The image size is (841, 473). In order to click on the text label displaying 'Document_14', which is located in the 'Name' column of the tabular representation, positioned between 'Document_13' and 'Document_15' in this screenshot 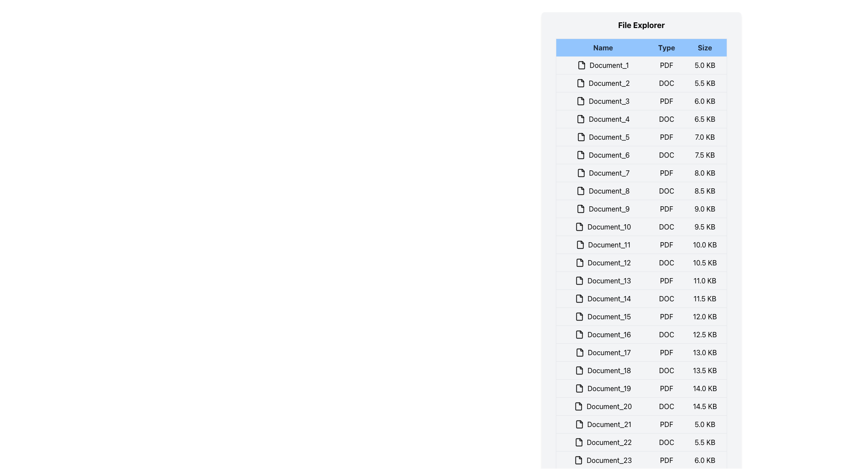, I will do `click(603, 298)`.